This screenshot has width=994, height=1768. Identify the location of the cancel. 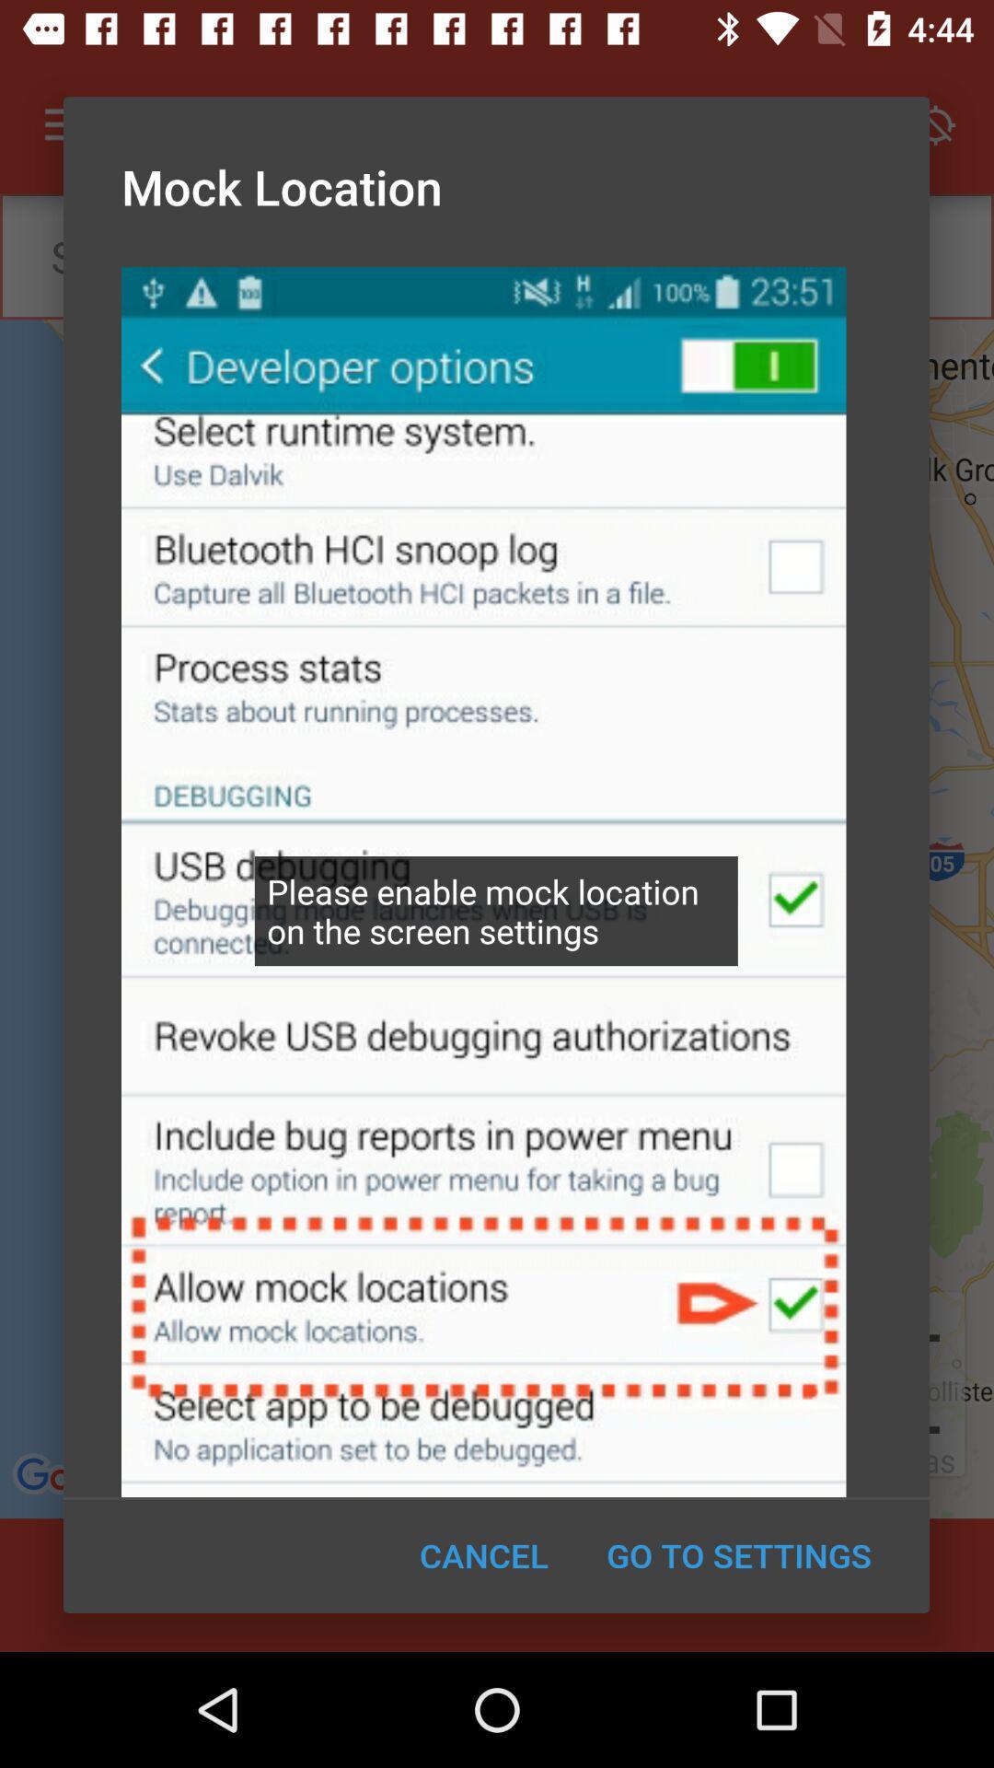
(483, 1554).